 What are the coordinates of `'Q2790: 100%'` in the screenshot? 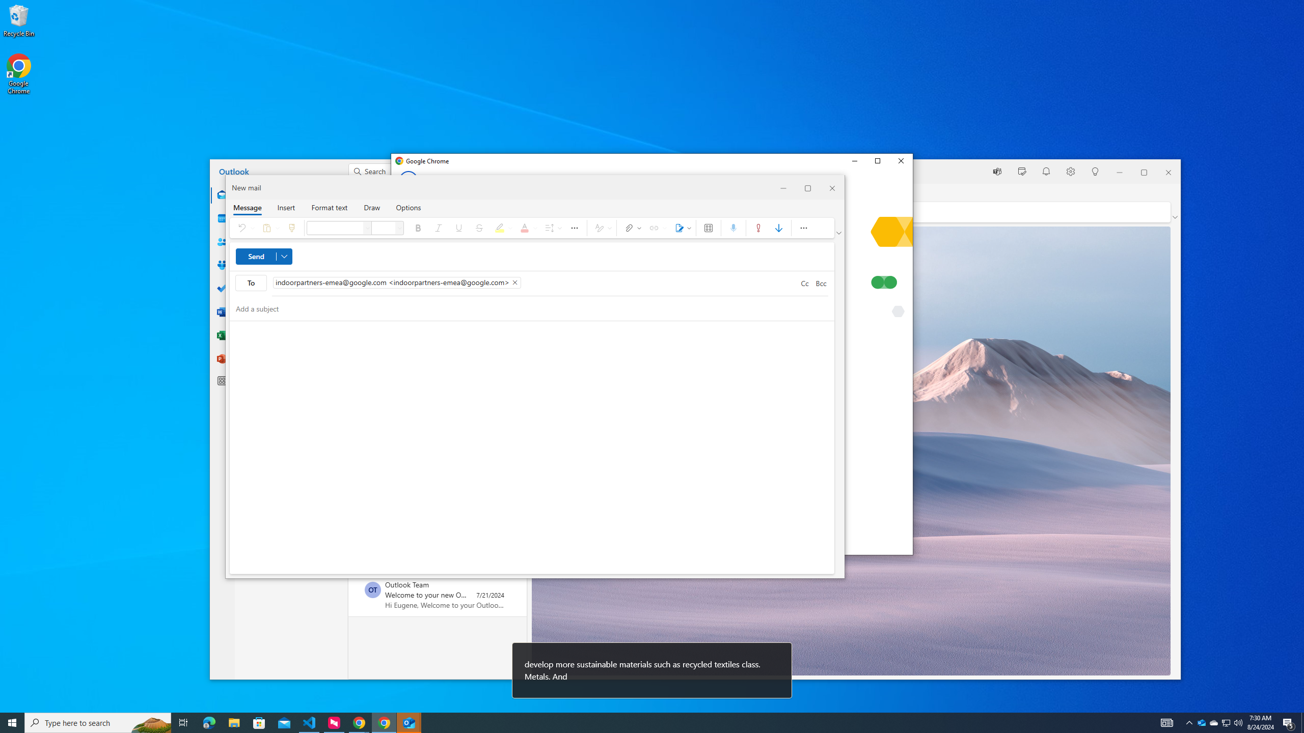 It's located at (1237, 722).